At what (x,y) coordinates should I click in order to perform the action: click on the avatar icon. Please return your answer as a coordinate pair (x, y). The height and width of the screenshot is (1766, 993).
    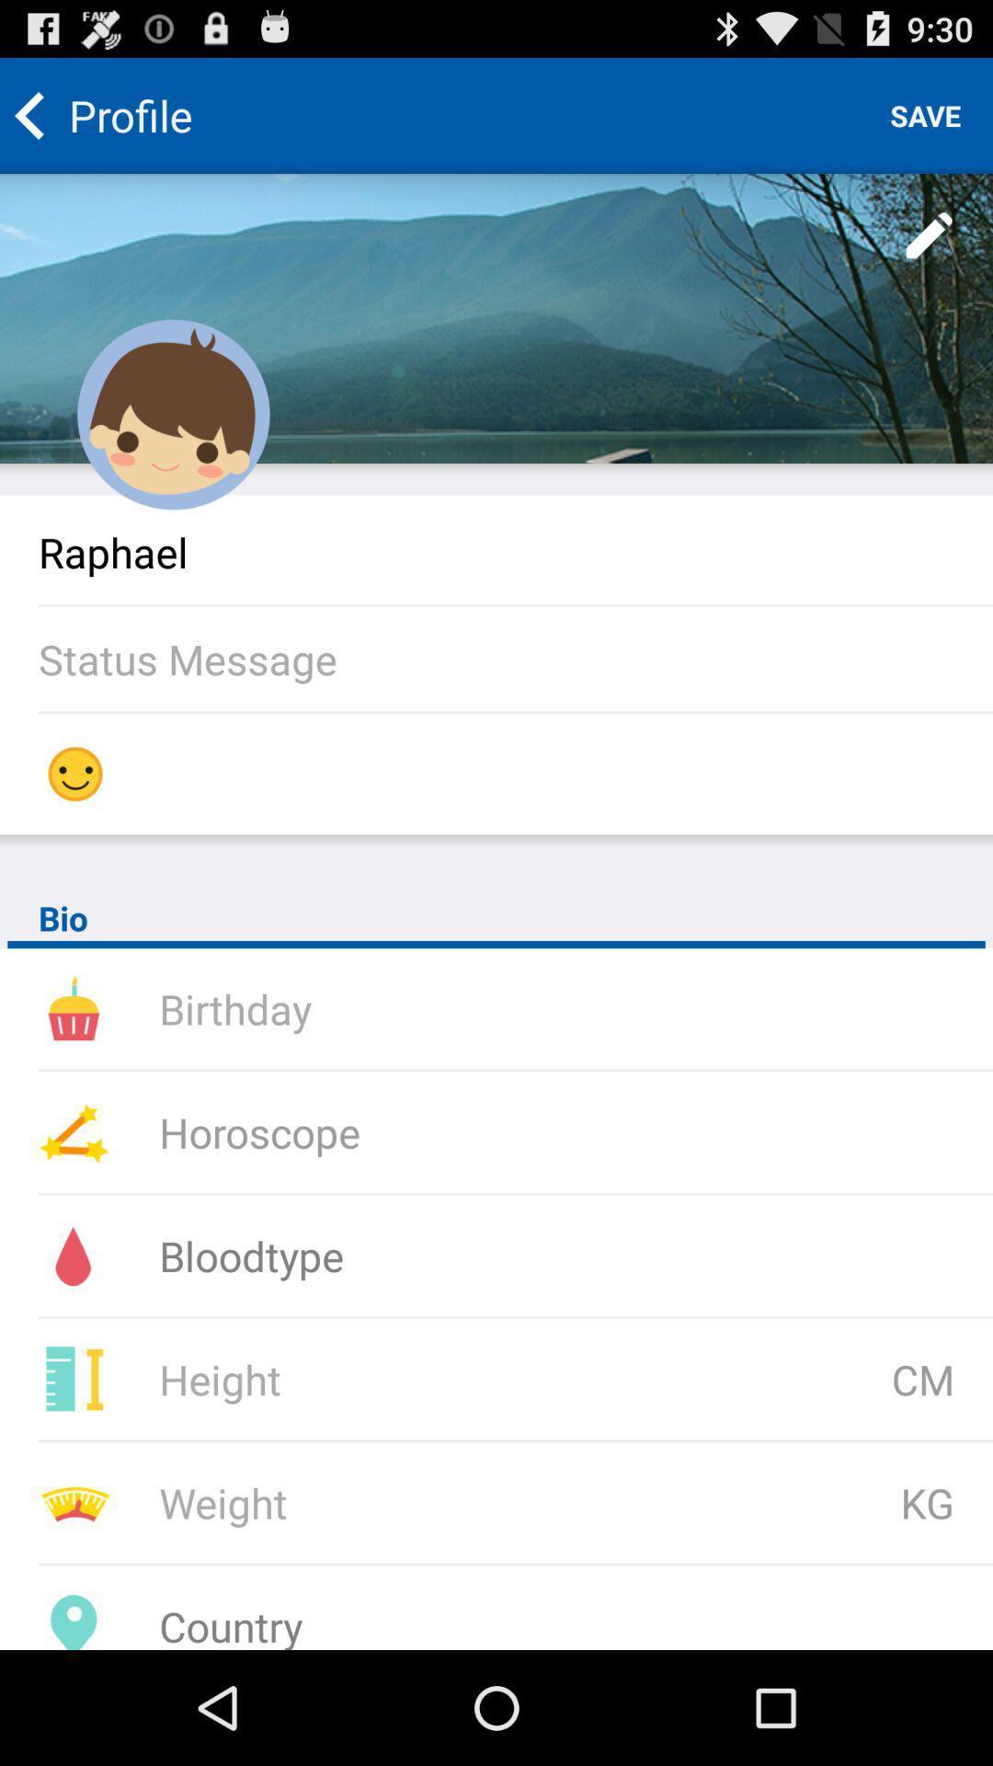
    Looking at the image, I should click on (174, 444).